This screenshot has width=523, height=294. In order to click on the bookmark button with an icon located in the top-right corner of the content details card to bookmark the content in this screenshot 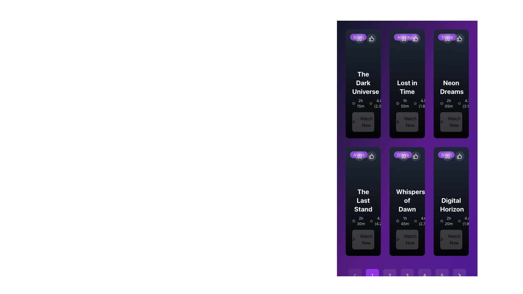, I will do `click(403, 156)`.